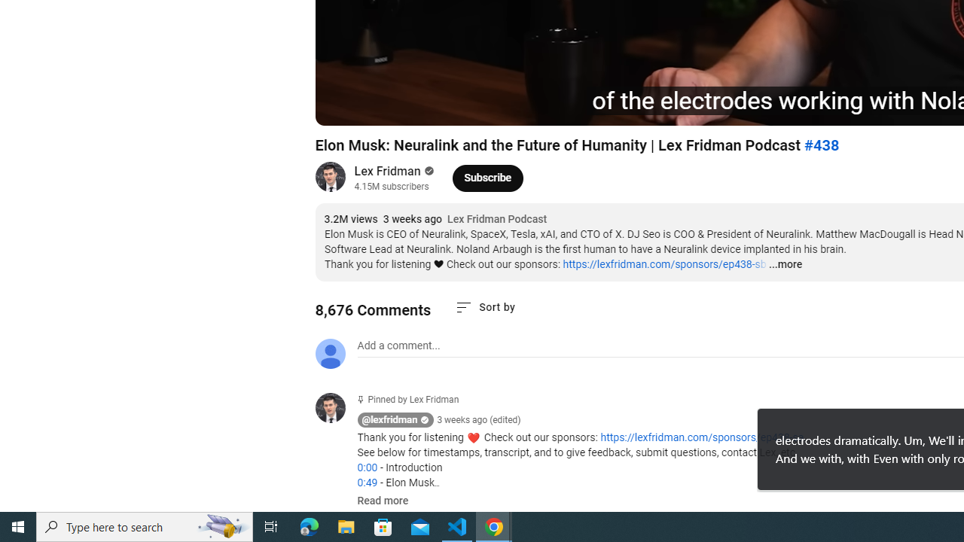 This screenshot has width=964, height=542. Describe the element at coordinates (478, 420) in the screenshot. I see `'3 weeks ago (edited)'` at that location.